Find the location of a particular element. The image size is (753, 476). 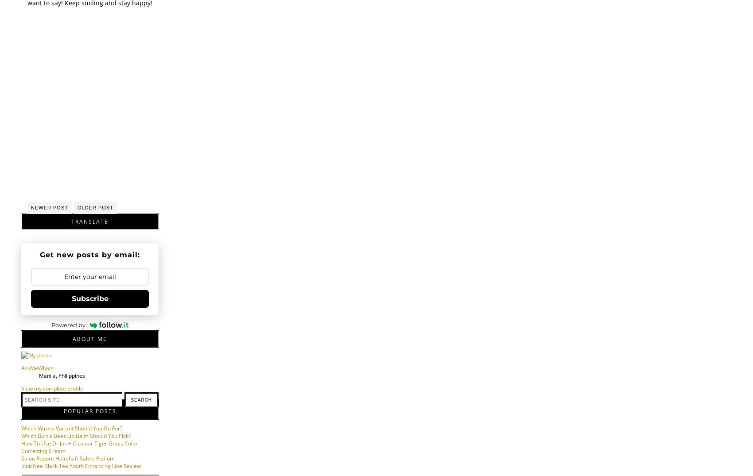

'Popular Posts' is located at coordinates (89, 410).